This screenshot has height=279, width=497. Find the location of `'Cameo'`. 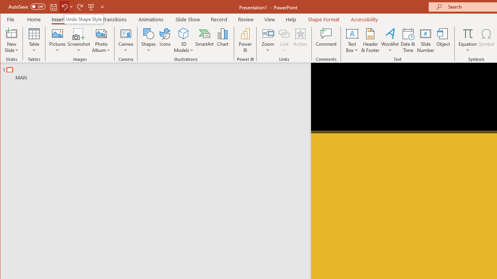

'Cameo' is located at coordinates (126, 40).